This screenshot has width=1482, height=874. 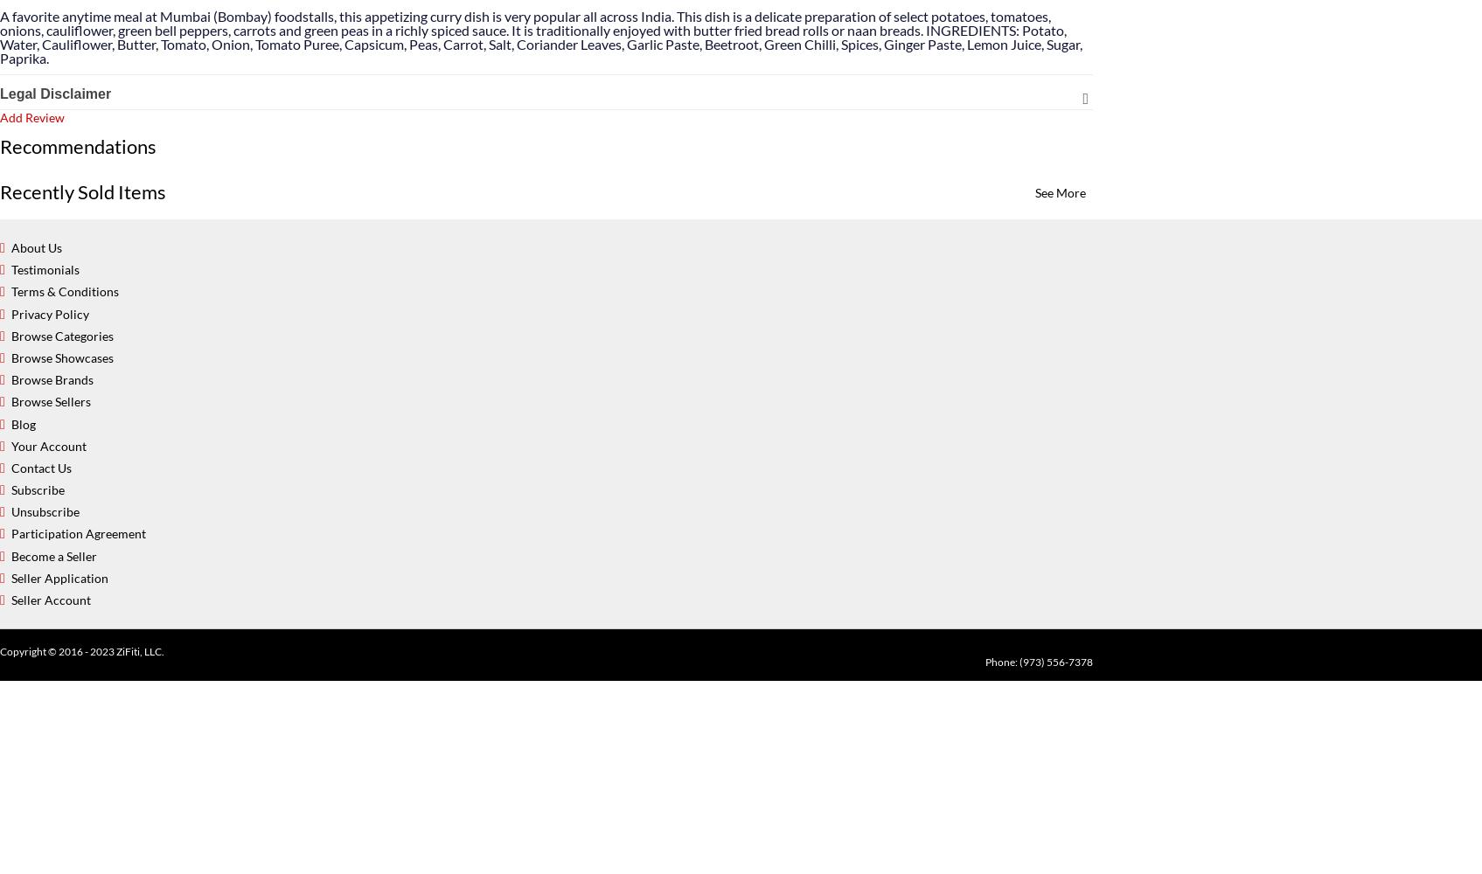 I want to click on 'Privacy Policy', so click(x=49, y=312).